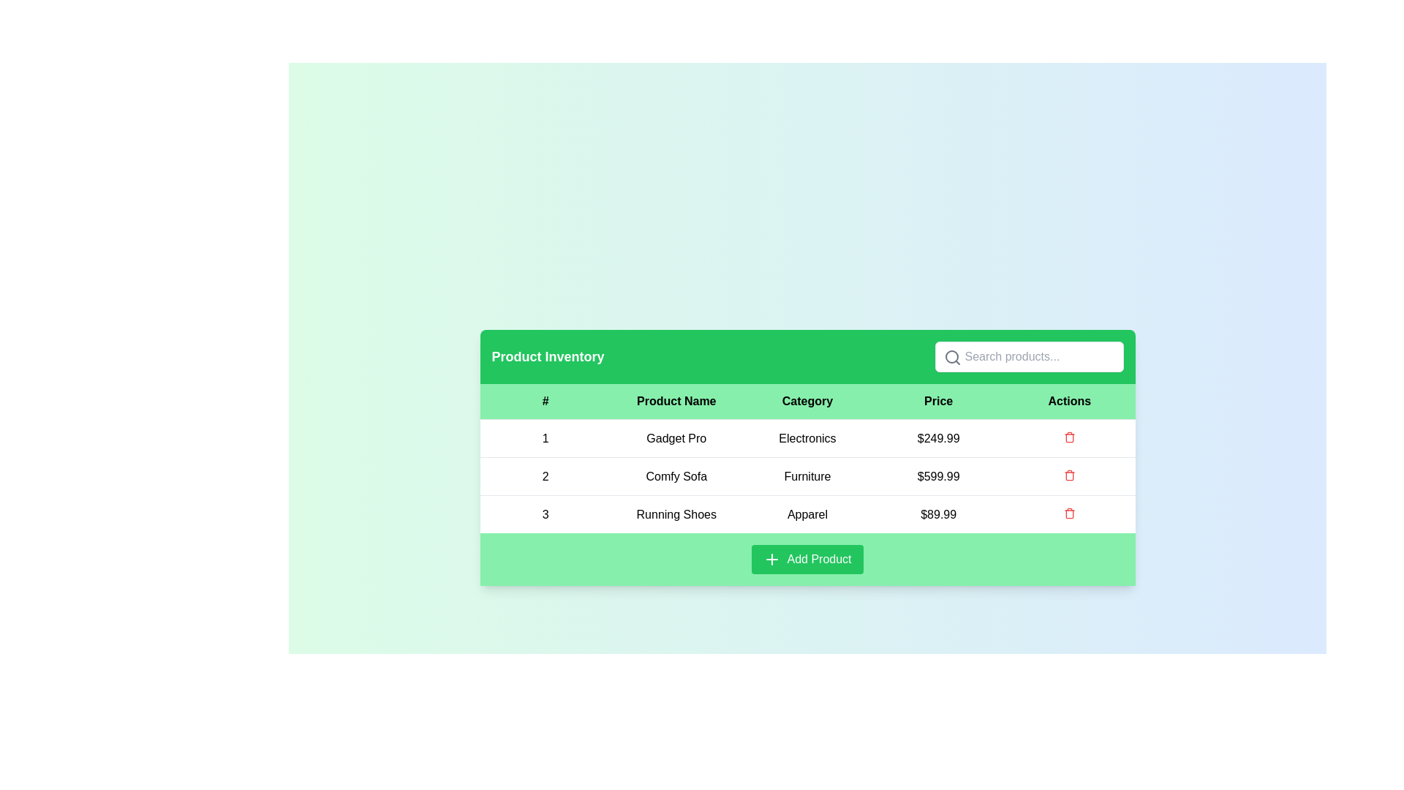 This screenshot has height=790, width=1404. I want to click on the search bar located in the green header bar titled 'Product Inventory' to focus on it, so click(1028, 357).